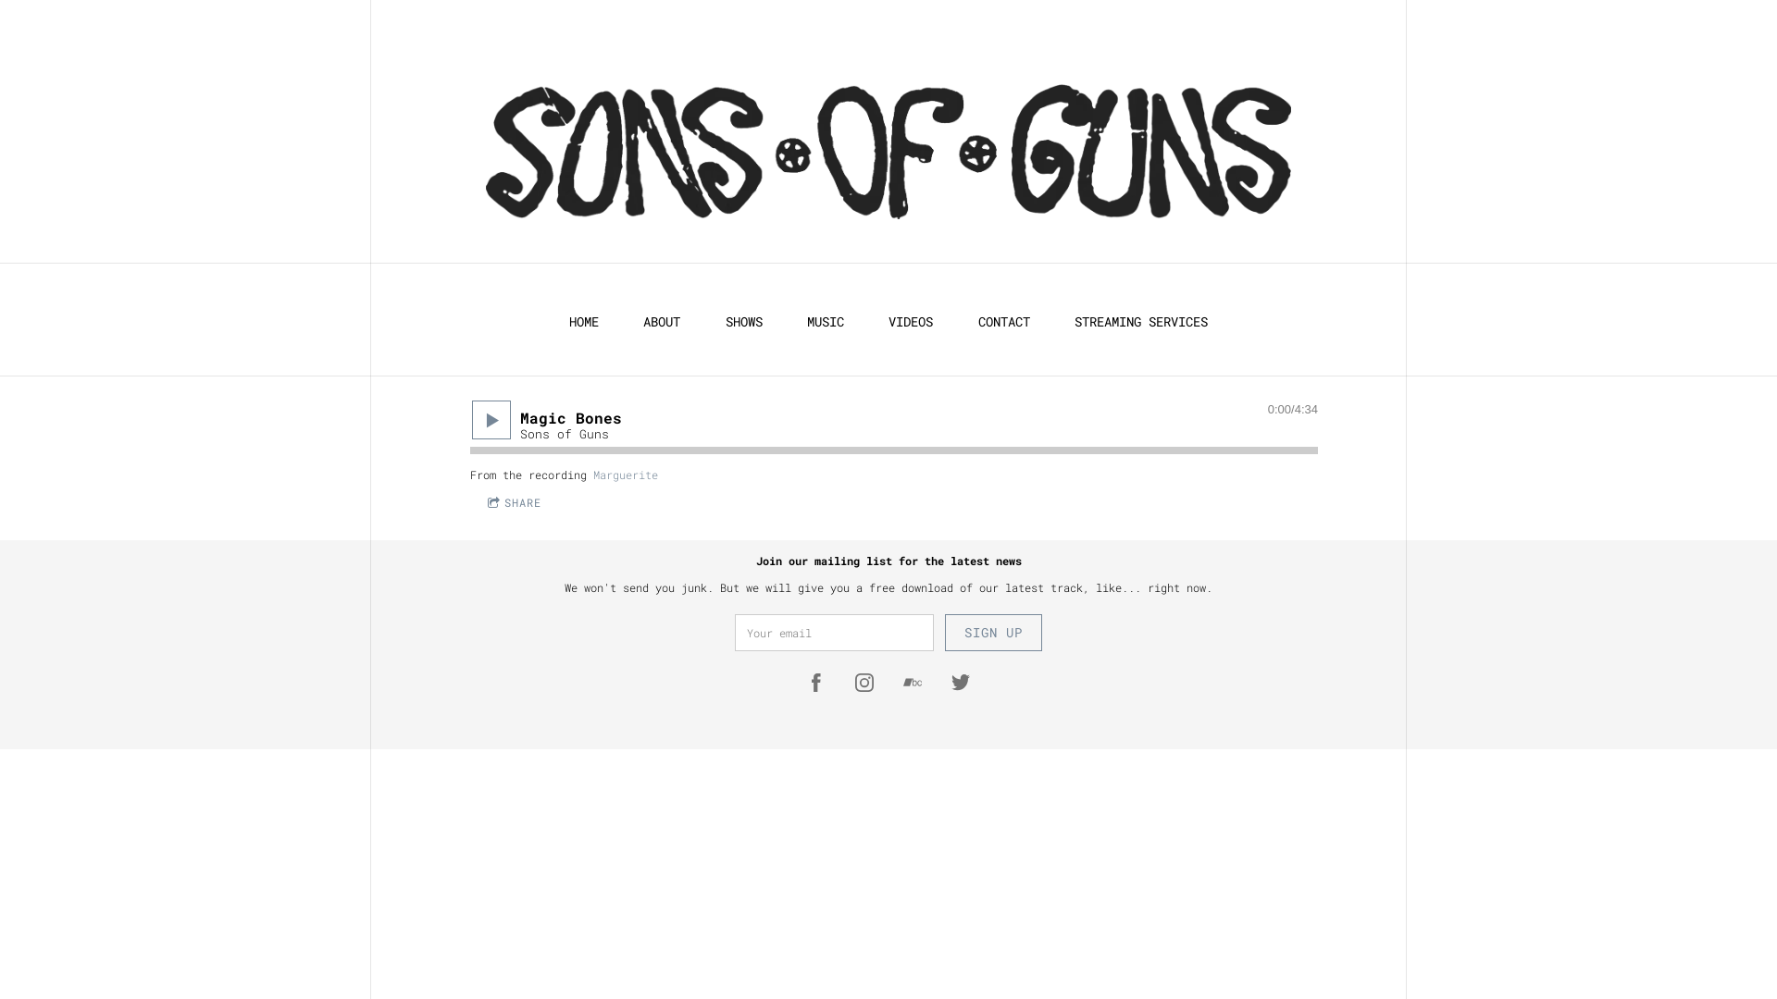 The width and height of the screenshot is (1777, 999). What do you see at coordinates (992, 631) in the screenshot?
I see `'SIGN UP'` at bounding box center [992, 631].